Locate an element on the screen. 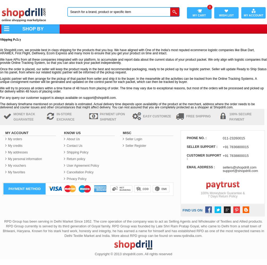 This screenshot has width=267, height=265. 'My orders' is located at coordinates (15, 139).